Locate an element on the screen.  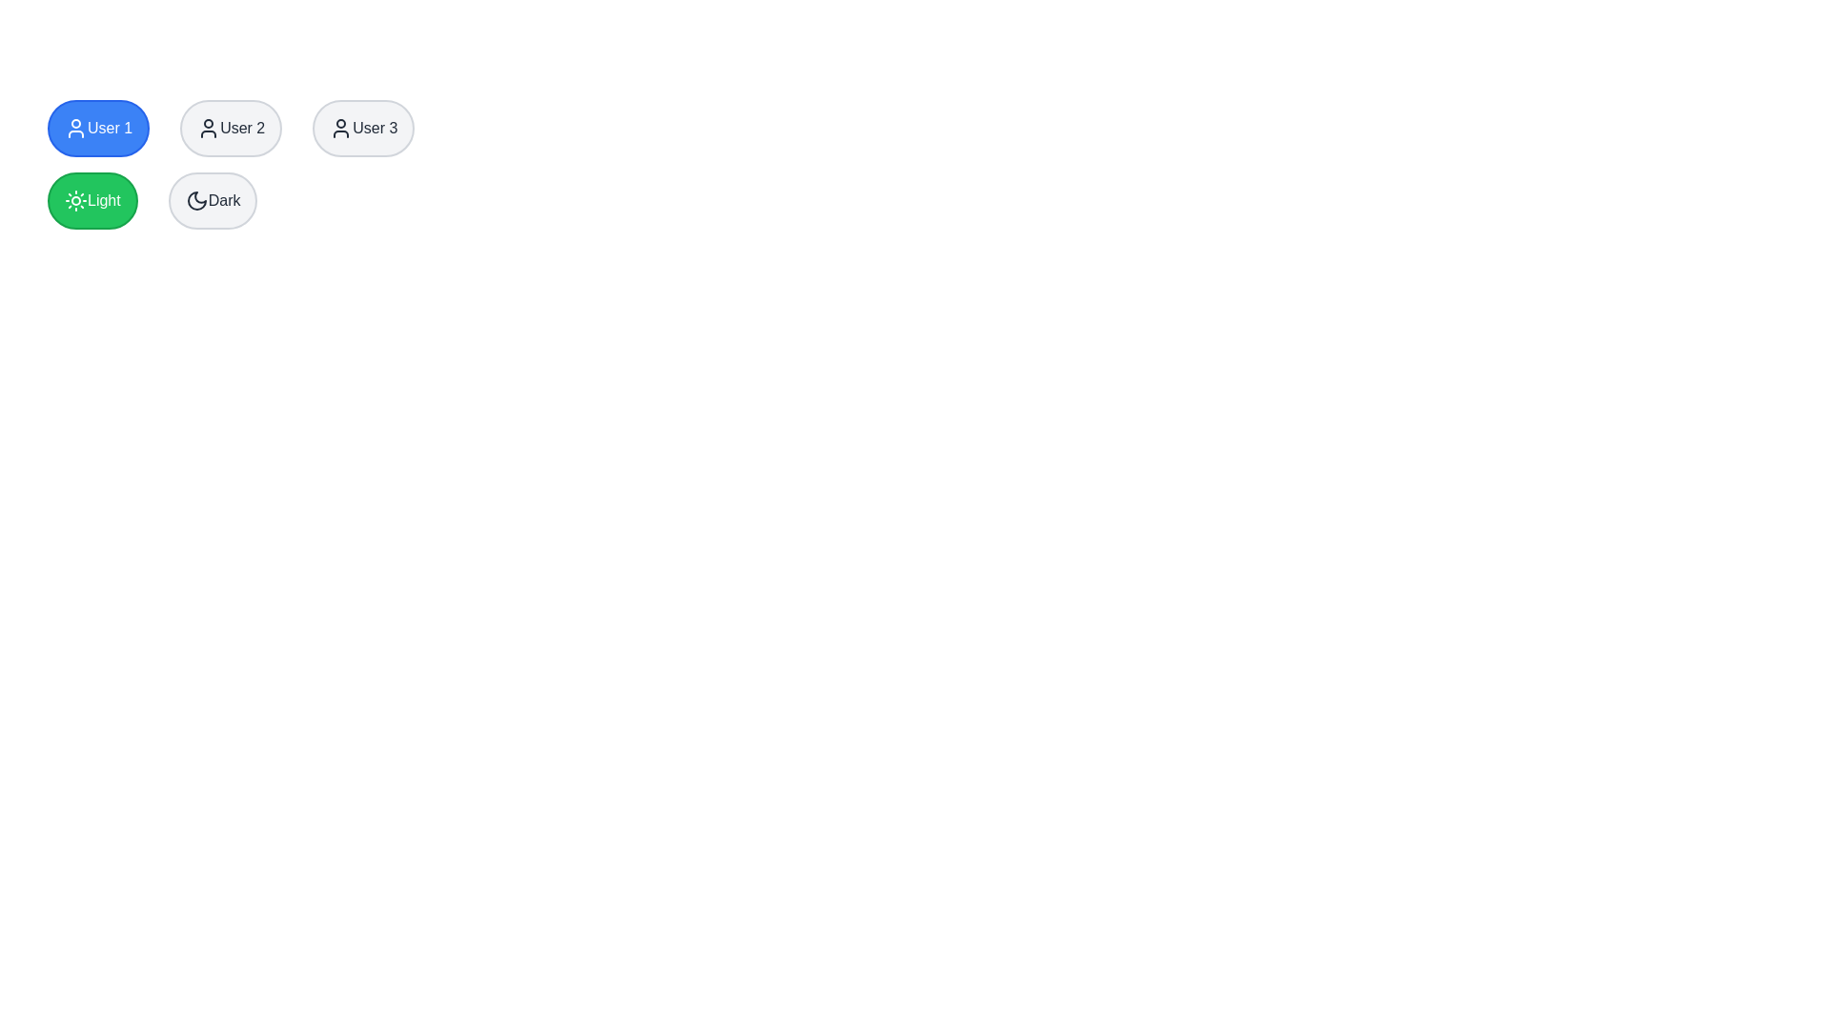
the visual icon that represents 'User 1', located at the center of the button labeled 'User 1' is located at coordinates (76, 129).